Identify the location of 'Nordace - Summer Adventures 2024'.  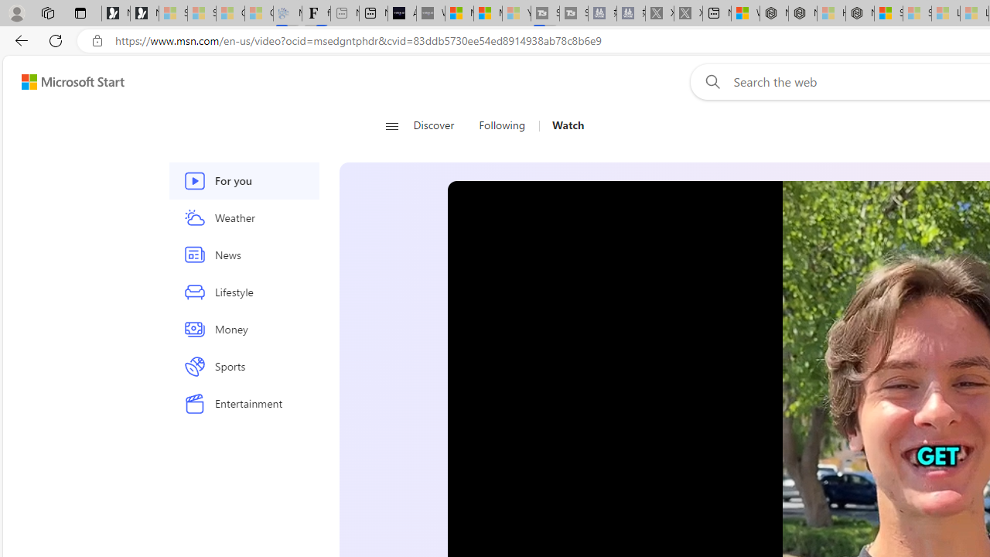
(803, 13).